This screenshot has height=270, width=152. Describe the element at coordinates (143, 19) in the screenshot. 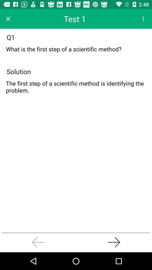

I see `the more icon` at that location.